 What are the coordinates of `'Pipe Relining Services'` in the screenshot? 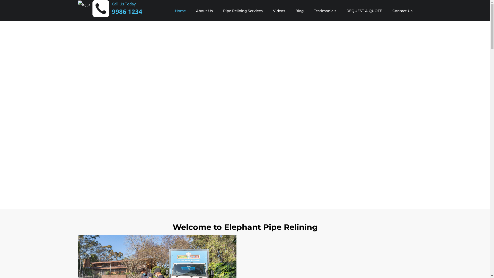 It's located at (242, 11).